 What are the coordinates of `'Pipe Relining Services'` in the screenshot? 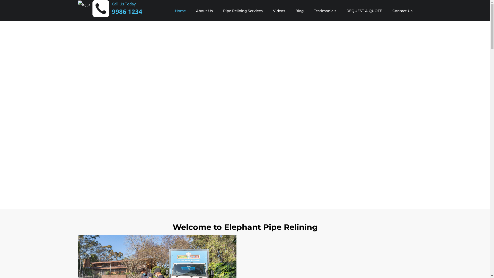 It's located at (242, 11).